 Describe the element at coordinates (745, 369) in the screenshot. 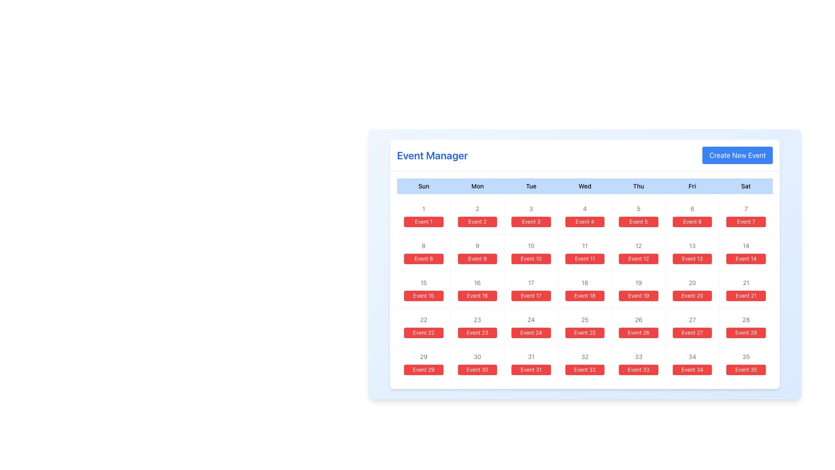

I see `the non-interactive badge with a red background and white text reading 'Event 35', located at the bottom-right corner of the calendar grid layout` at that location.